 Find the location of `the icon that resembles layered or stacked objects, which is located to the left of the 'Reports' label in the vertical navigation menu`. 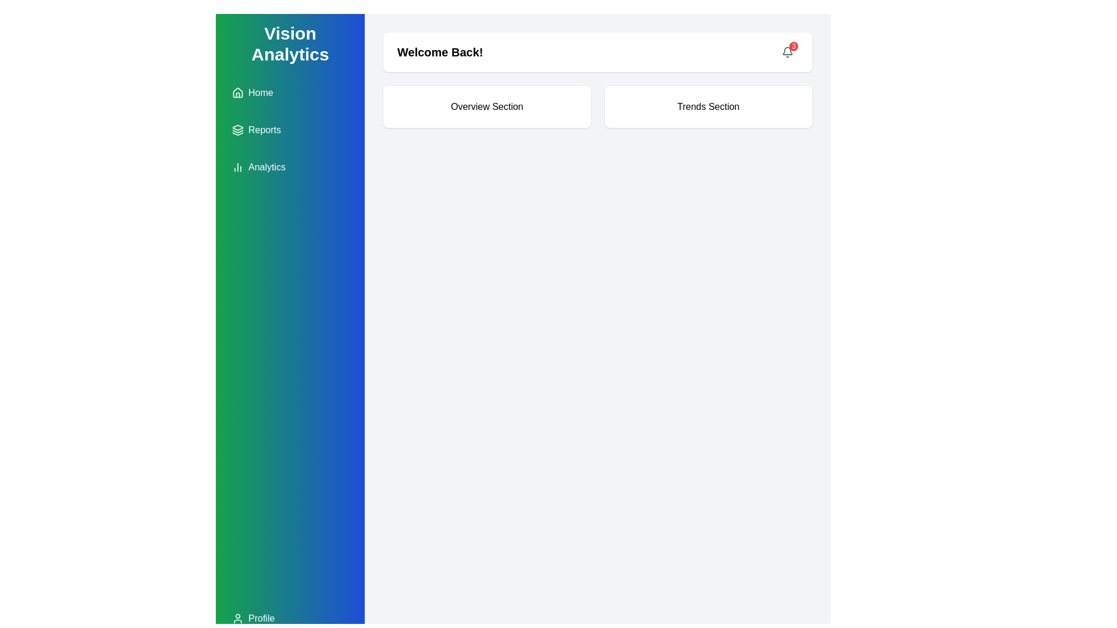

the icon that resembles layered or stacked objects, which is located to the left of the 'Reports' label in the vertical navigation menu is located at coordinates (237, 130).